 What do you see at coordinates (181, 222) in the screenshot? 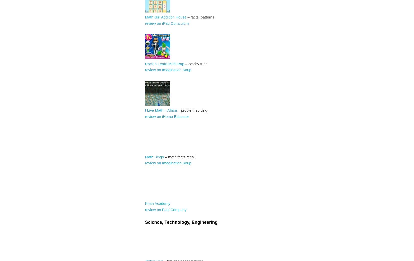
I see `'Scicnce, Technology, Engineering'` at bounding box center [181, 222].